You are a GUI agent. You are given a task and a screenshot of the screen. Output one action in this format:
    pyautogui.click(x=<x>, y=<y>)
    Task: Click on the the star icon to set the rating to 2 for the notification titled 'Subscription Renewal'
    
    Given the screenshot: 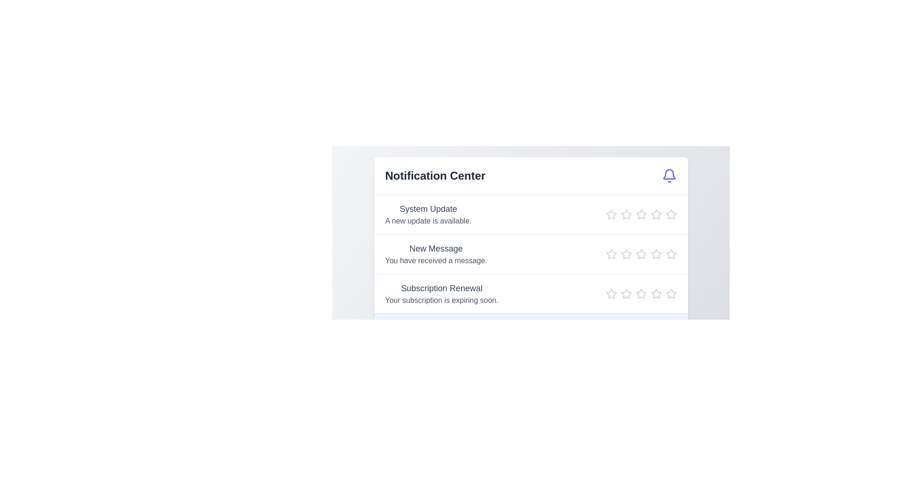 What is the action you would take?
    pyautogui.click(x=626, y=293)
    